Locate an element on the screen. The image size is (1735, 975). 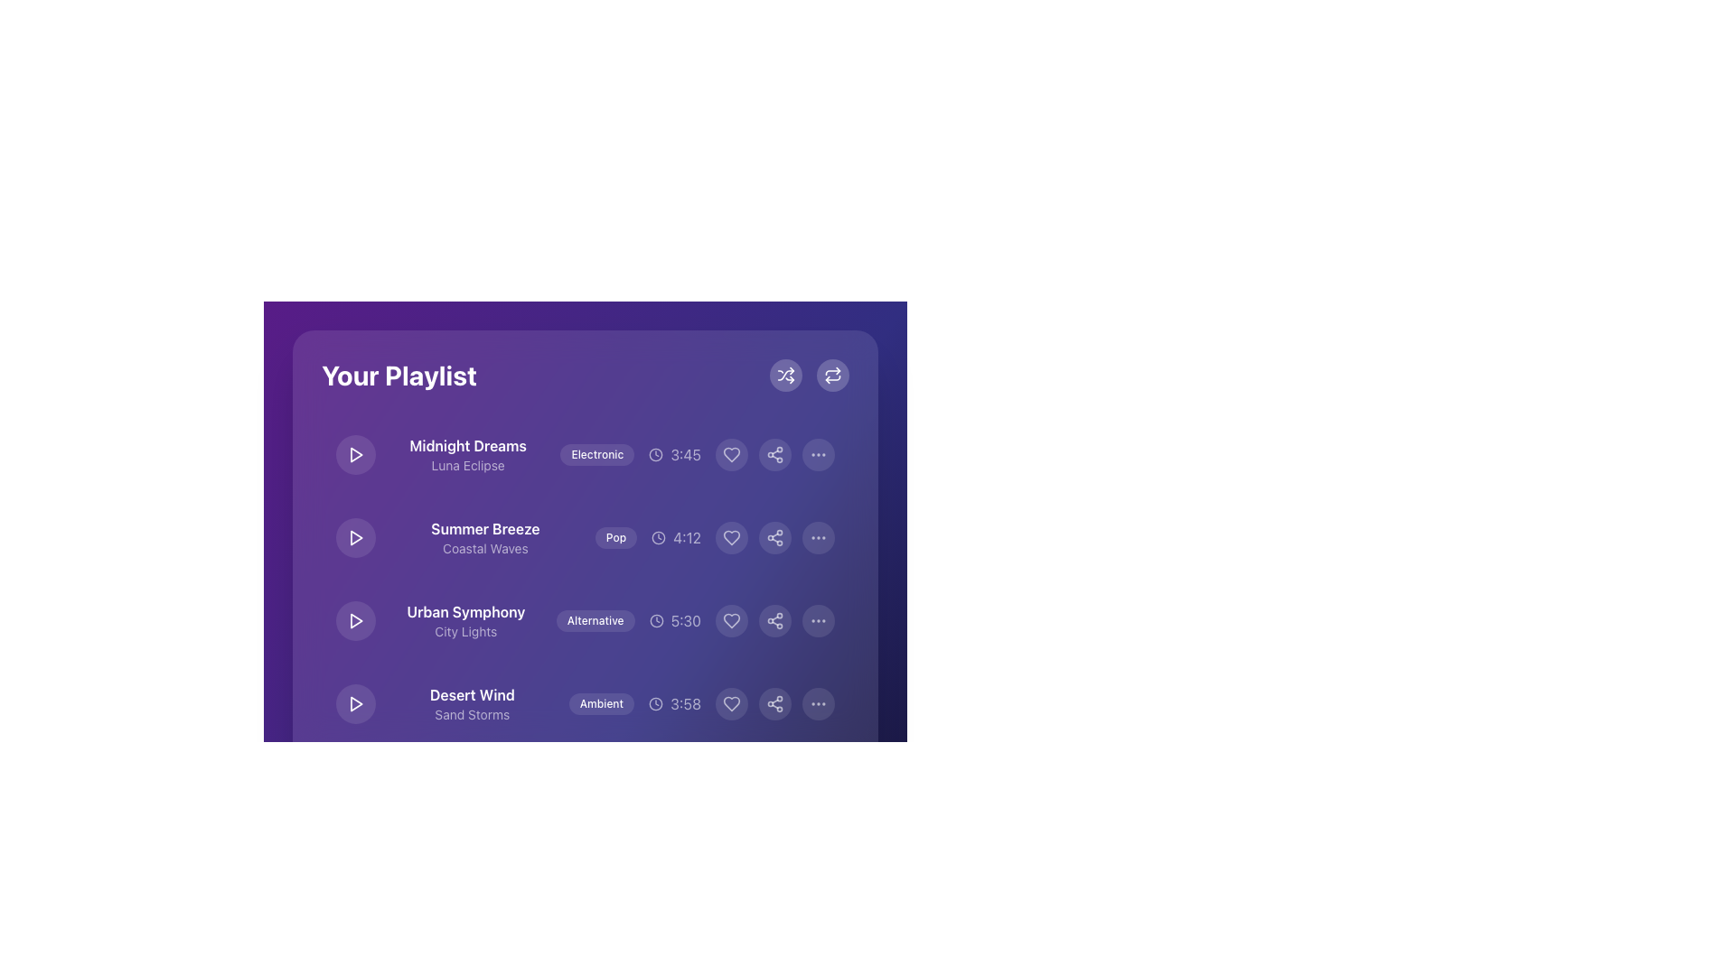
the first button in the action buttons of the first item in the playlist to like the associated song is located at coordinates (732, 454).